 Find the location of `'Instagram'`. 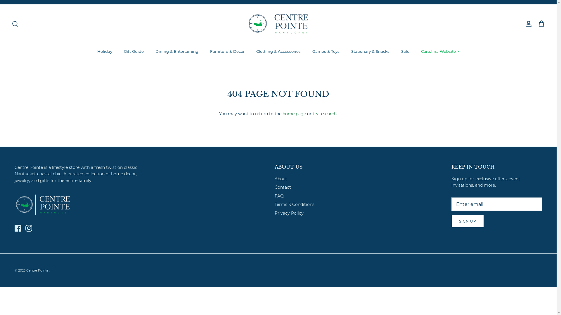

'Instagram' is located at coordinates (28, 228).